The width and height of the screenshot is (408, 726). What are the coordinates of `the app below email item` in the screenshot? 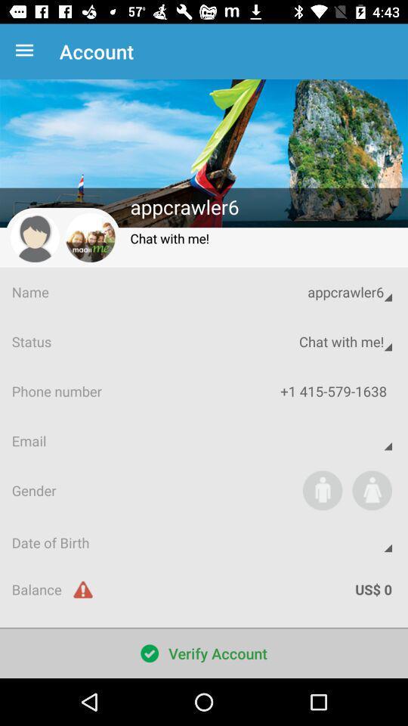 It's located at (371, 489).